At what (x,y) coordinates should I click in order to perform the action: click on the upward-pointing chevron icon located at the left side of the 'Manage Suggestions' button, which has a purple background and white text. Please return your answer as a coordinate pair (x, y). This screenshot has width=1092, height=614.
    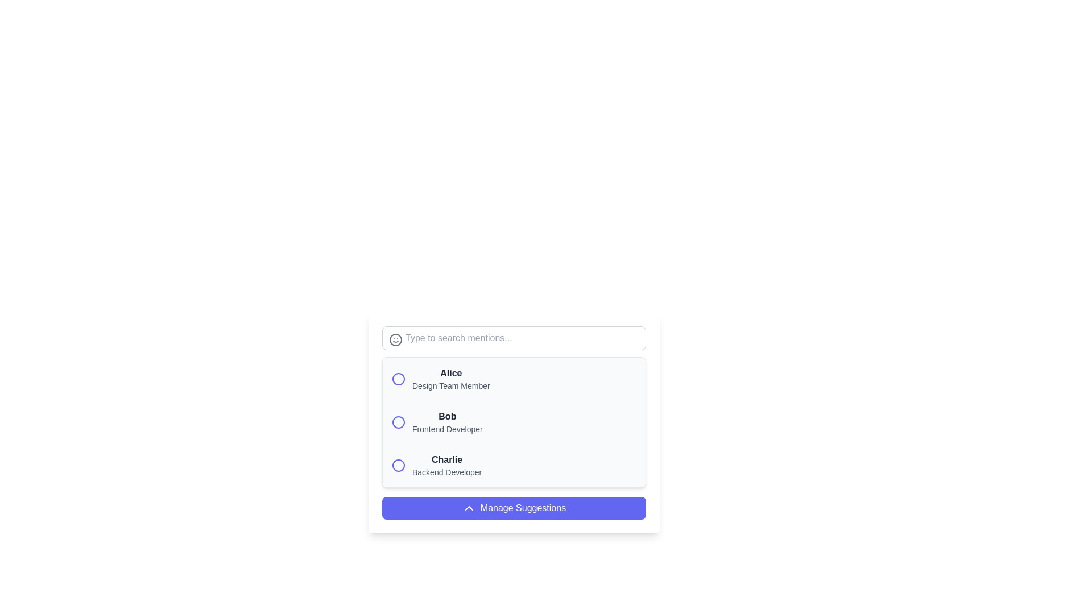
    Looking at the image, I should click on (469, 508).